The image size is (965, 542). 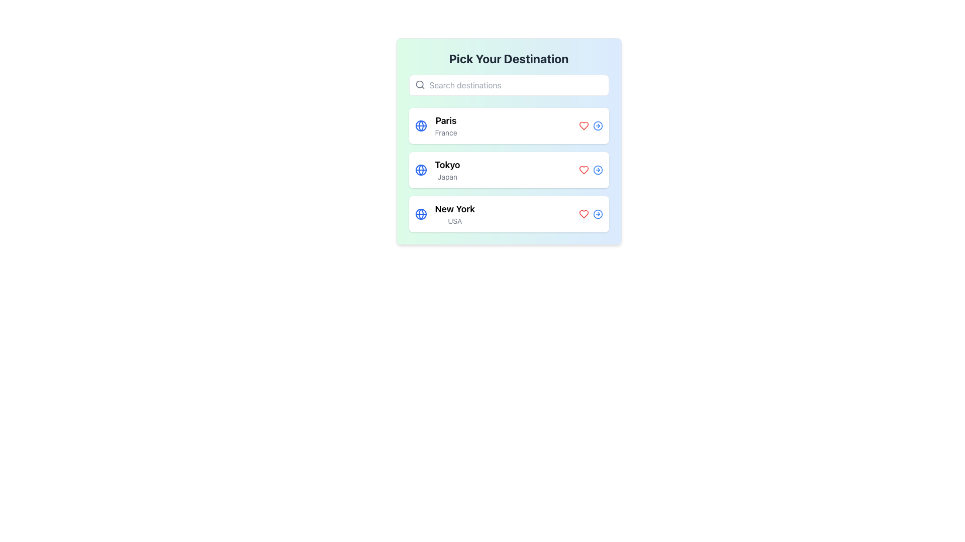 I want to click on the navigation button located to the far right of the 'New York' item within the vertical list, adjacent to the red heart icon, so click(x=598, y=214).